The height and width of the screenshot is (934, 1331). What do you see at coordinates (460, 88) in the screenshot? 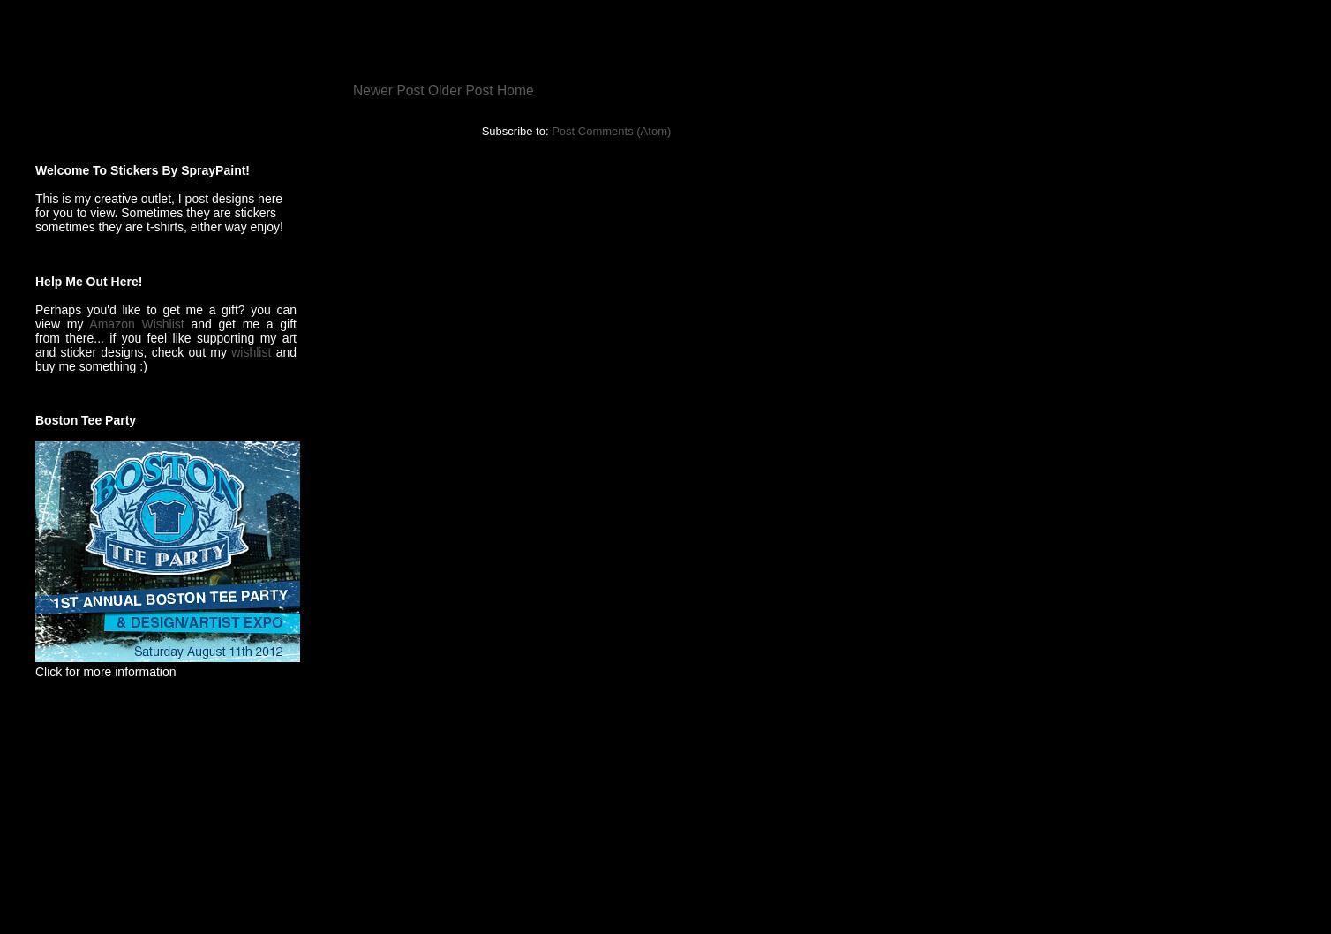
I see `'Older Post'` at bounding box center [460, 88].